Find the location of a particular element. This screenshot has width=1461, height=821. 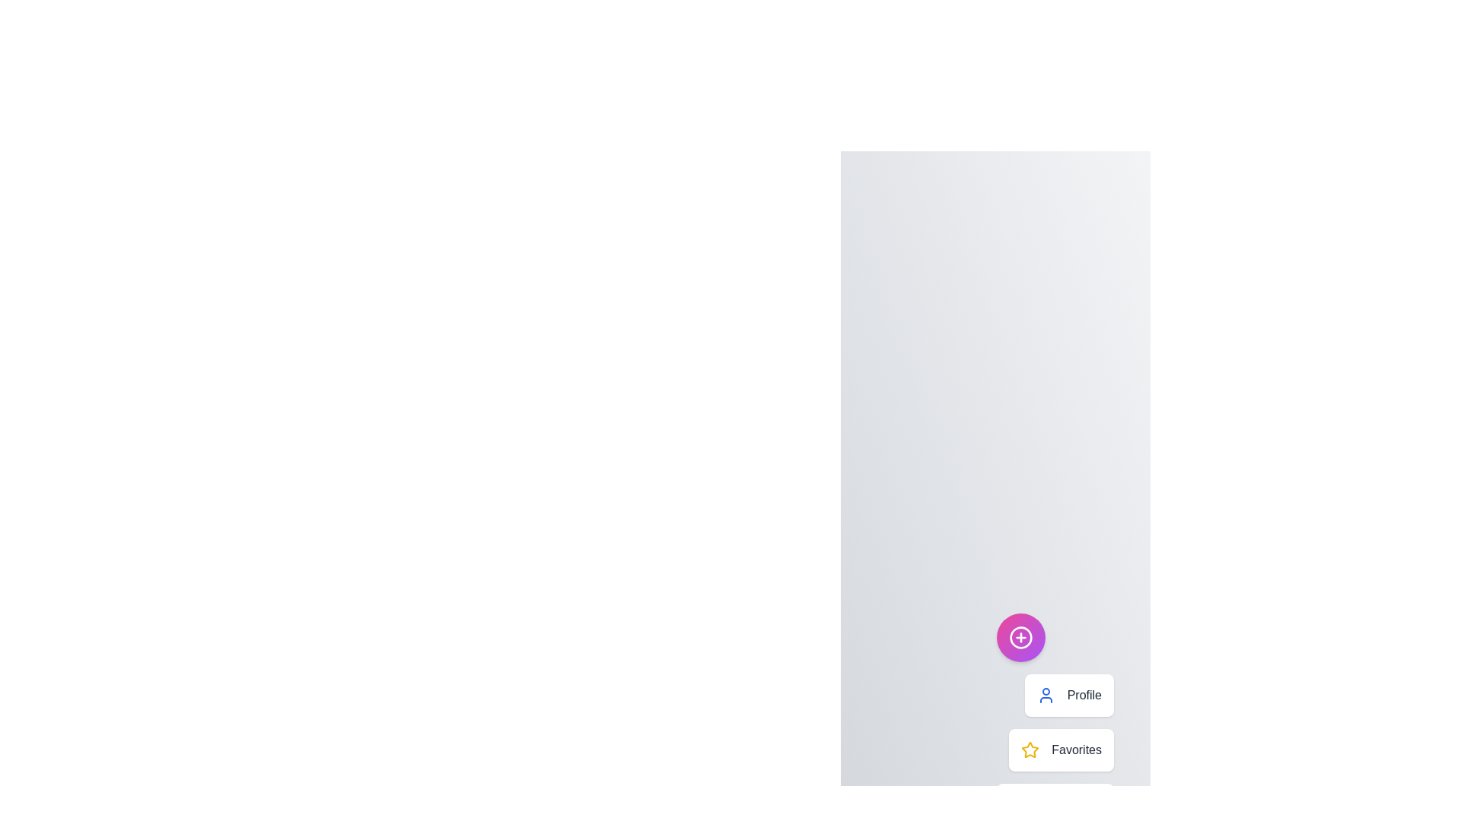

the menu item Favorites in the speed dial menu is located at coordinates (1061, 750).